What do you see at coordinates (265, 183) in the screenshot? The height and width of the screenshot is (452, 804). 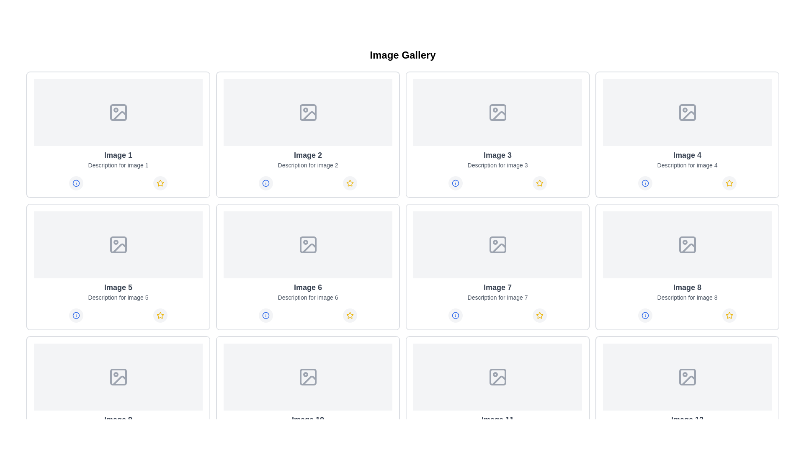 I see `the blue circular icon located under the text 'Image 2'` at bounding box center [265, 183].